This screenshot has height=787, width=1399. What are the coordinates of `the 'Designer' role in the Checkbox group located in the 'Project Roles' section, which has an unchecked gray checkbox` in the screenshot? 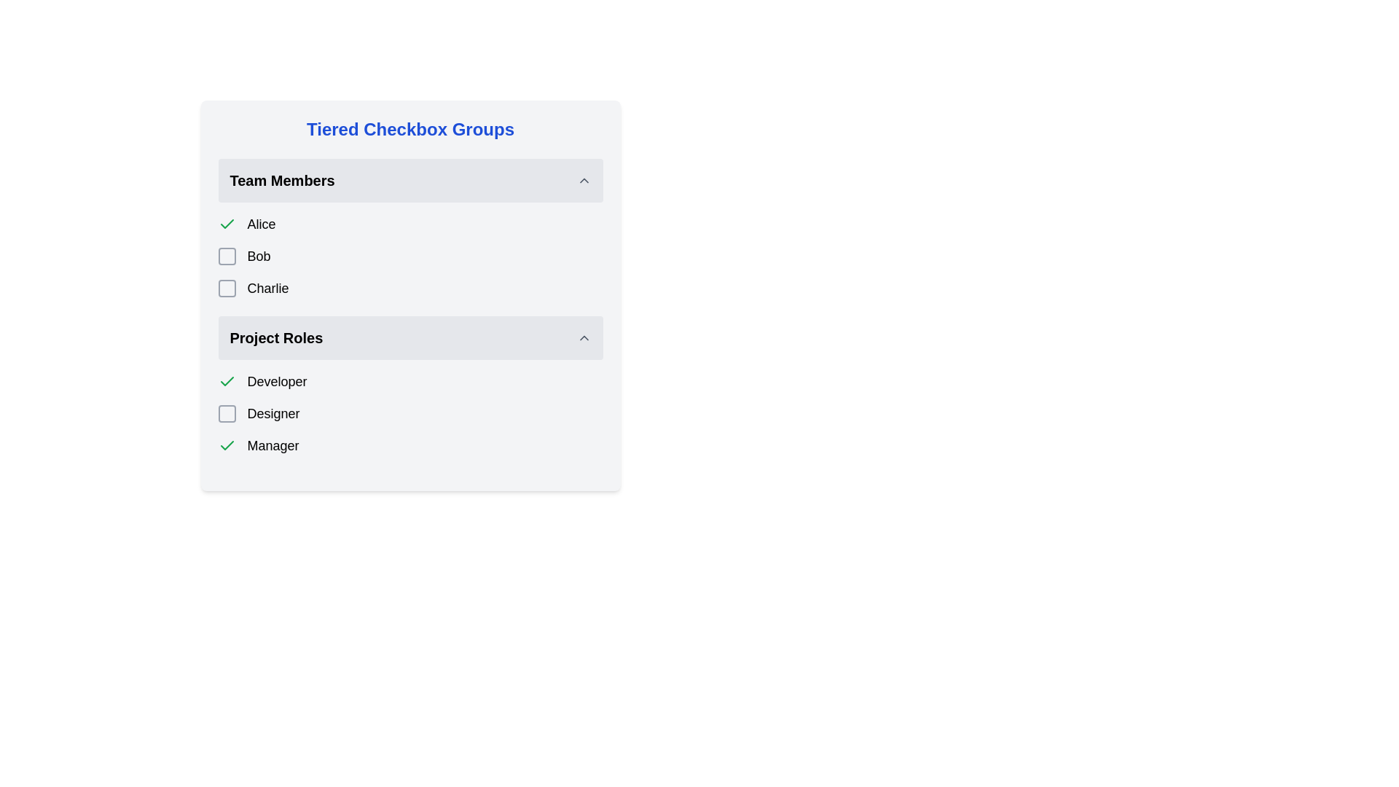 It's located at (409, 413).